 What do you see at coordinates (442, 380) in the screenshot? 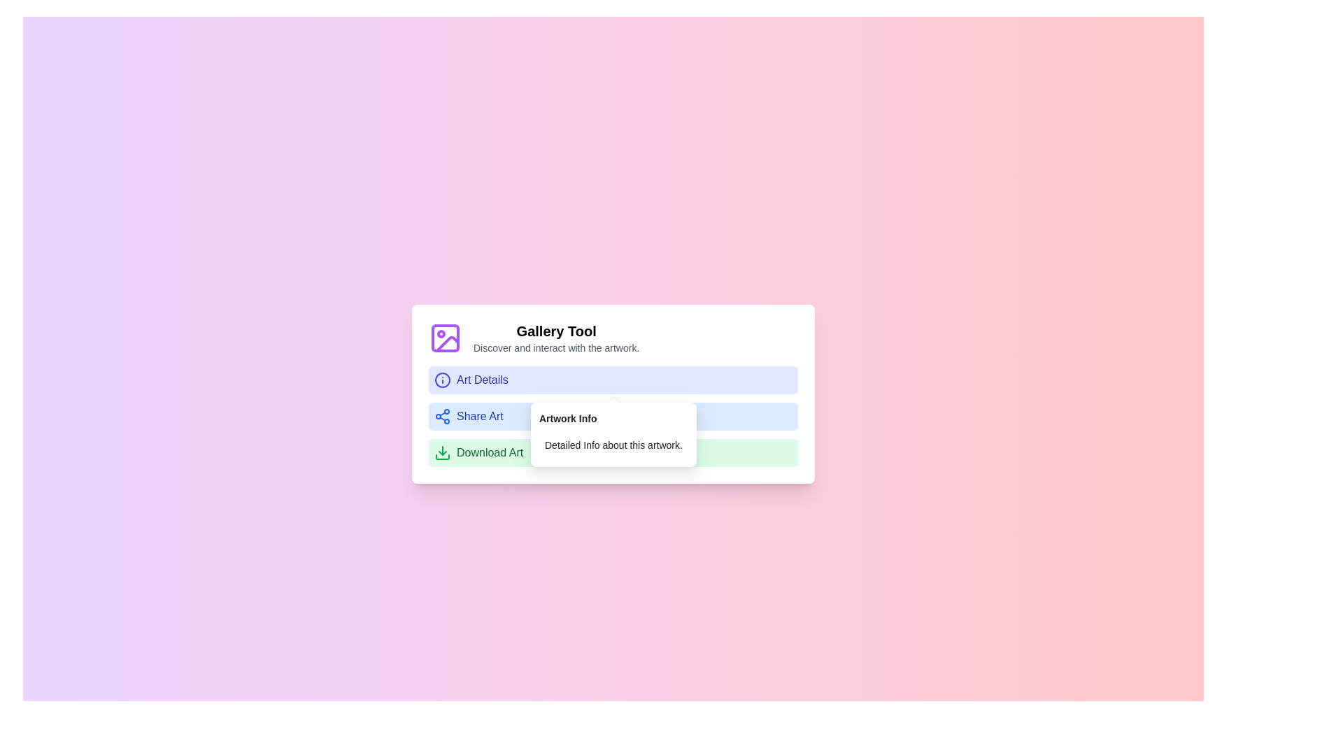
I see `the circular SVG element representing part of the information icon, which is located near the 'Share Art' button, to interact with the tooltip` at bounding box center [442, 380].